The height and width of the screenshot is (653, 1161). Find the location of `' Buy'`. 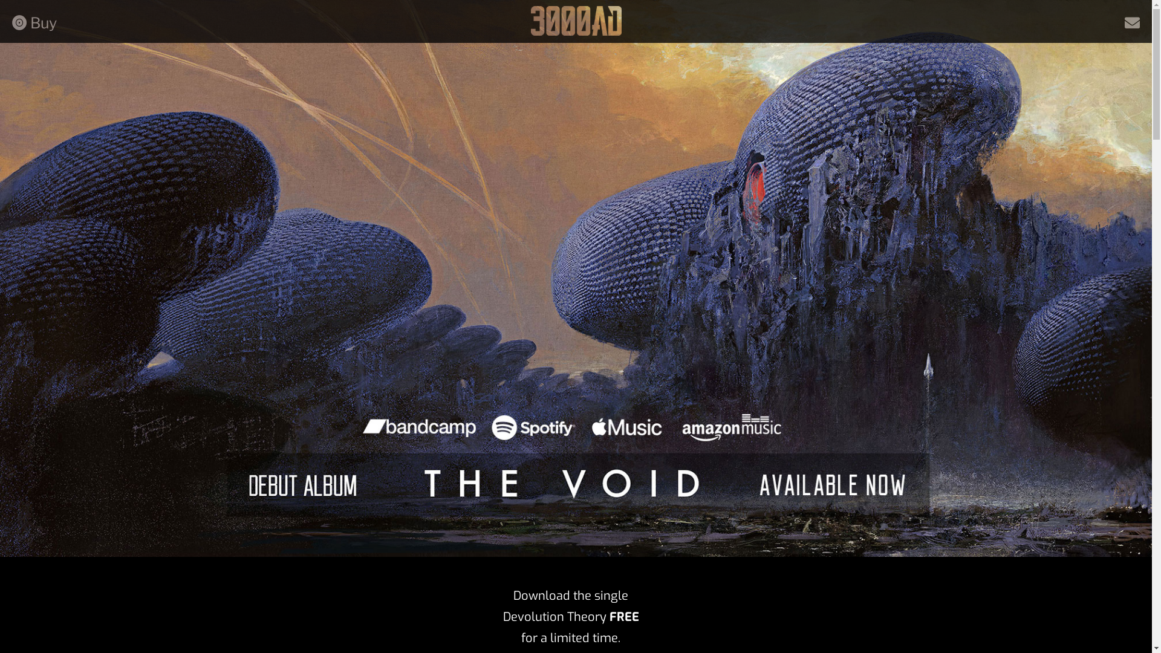

' Buy' is located at coordinates (34, 23).